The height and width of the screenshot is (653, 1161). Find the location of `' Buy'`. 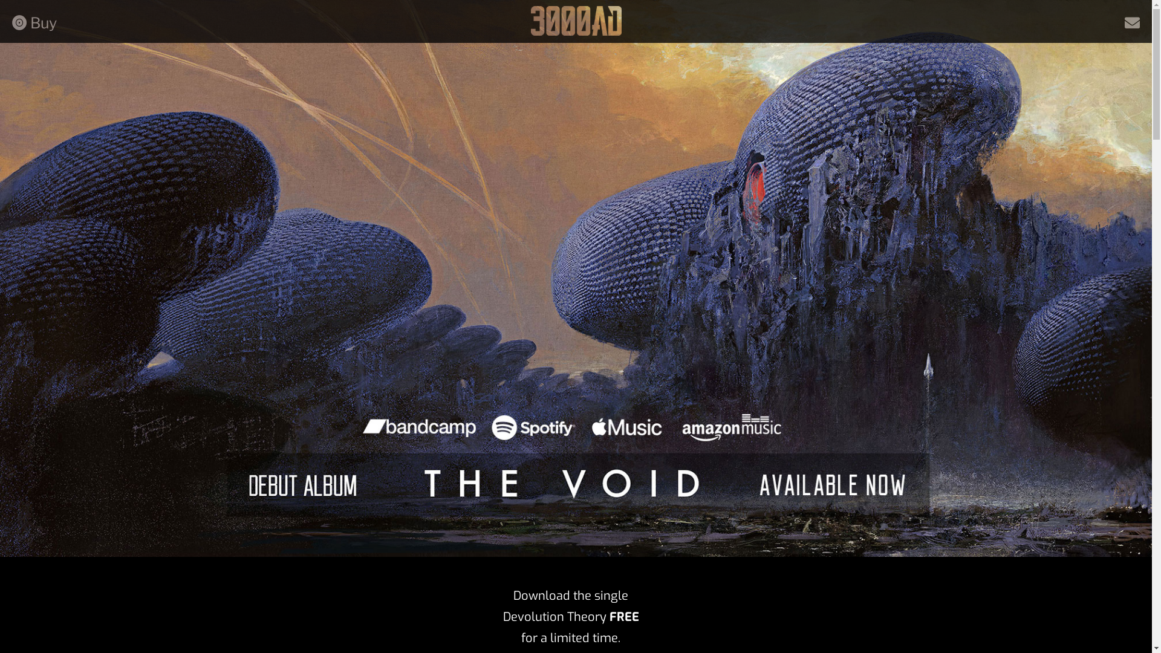

' Buy' is located at coordinates (34, 23).